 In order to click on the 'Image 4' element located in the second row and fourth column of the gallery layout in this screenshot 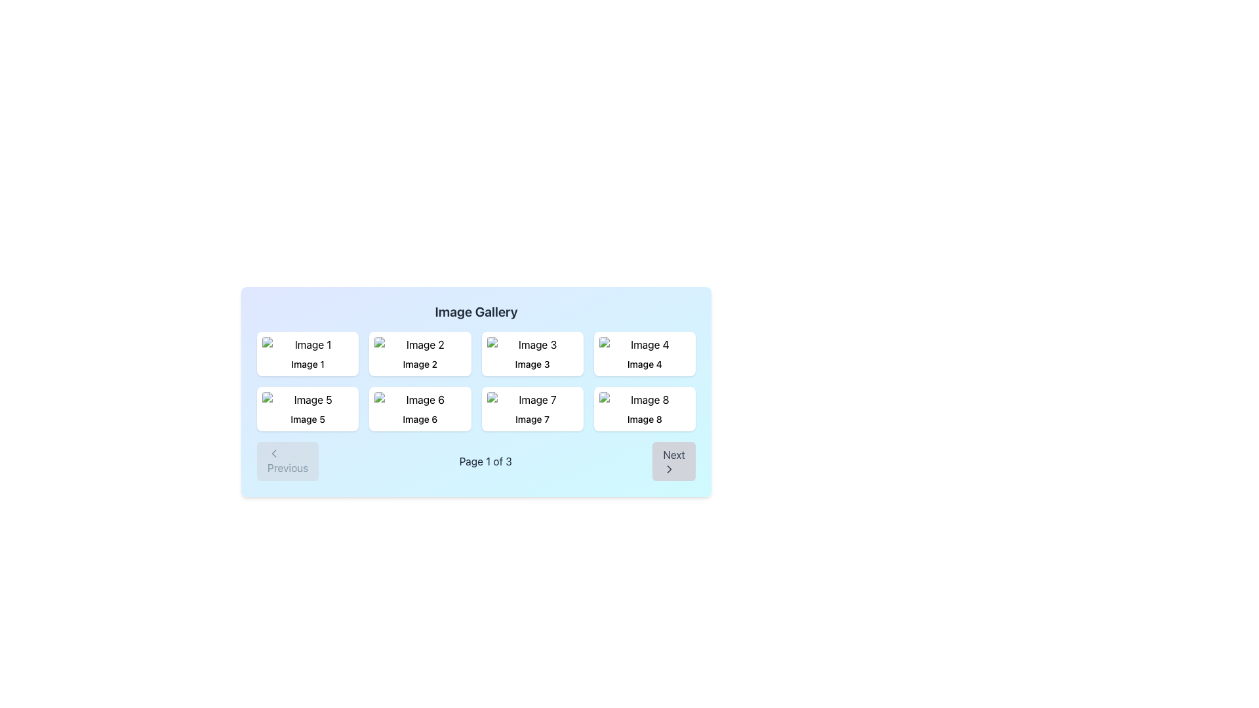, I will do `click(645, 344)`.